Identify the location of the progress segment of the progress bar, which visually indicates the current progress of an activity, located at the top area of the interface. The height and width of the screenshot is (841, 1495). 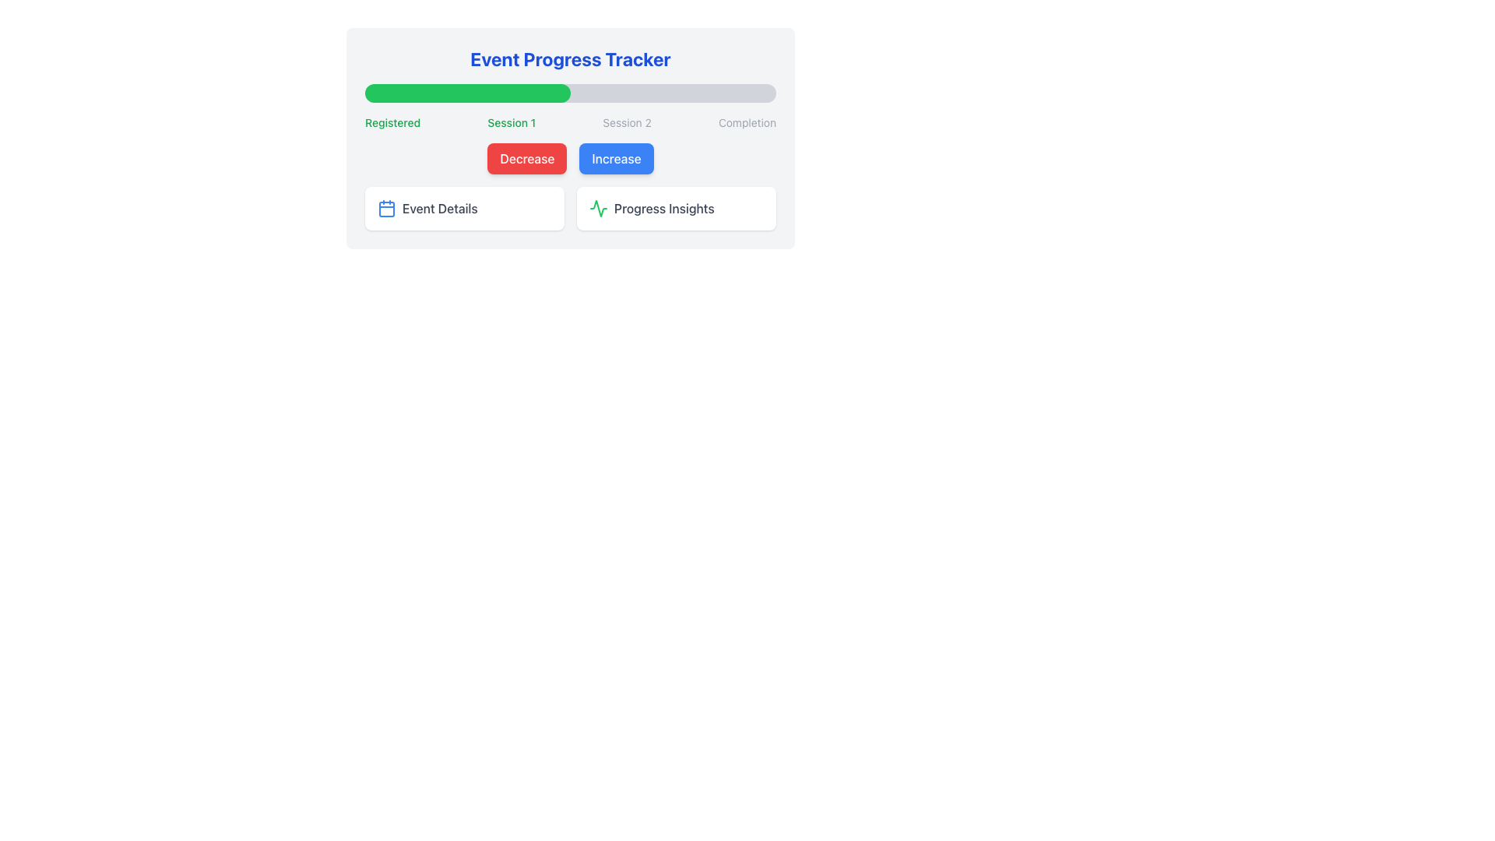
(466, 93).